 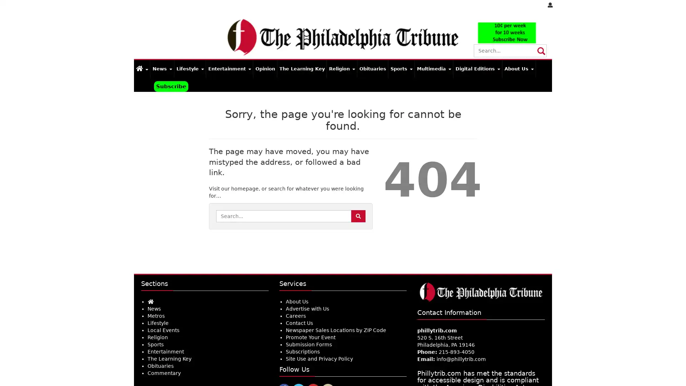 What do you see at coordinates (358, 216) in the screenshot?
I see `Search` at bounding box center [358, 216].